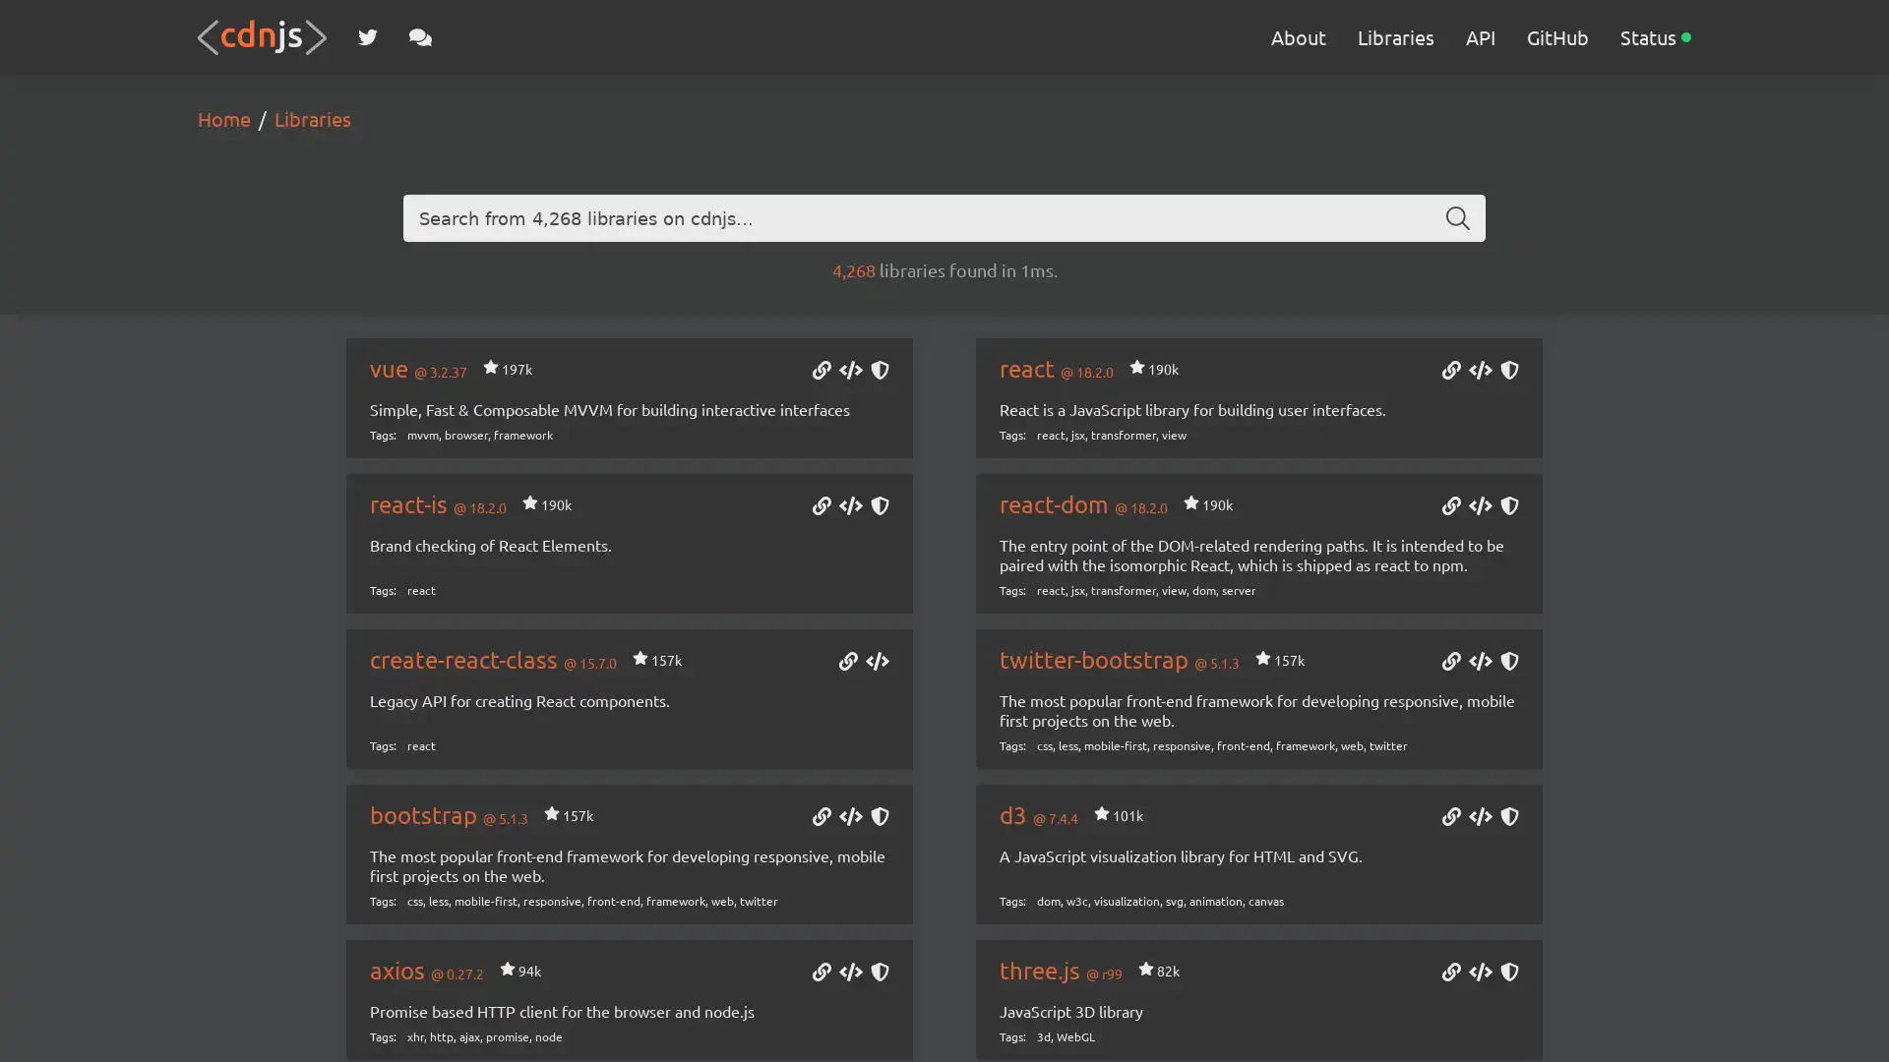  I want to click on Copy SRI Hash, so click(1508, 506).